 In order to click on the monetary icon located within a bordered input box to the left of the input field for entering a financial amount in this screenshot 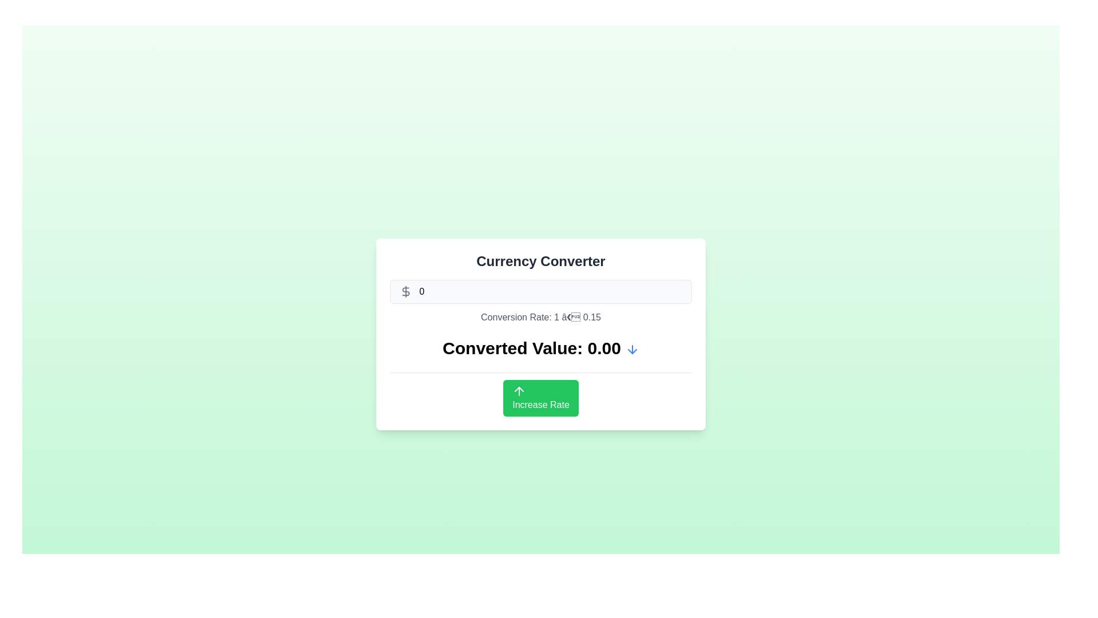, I will do `click(406, 291)`.